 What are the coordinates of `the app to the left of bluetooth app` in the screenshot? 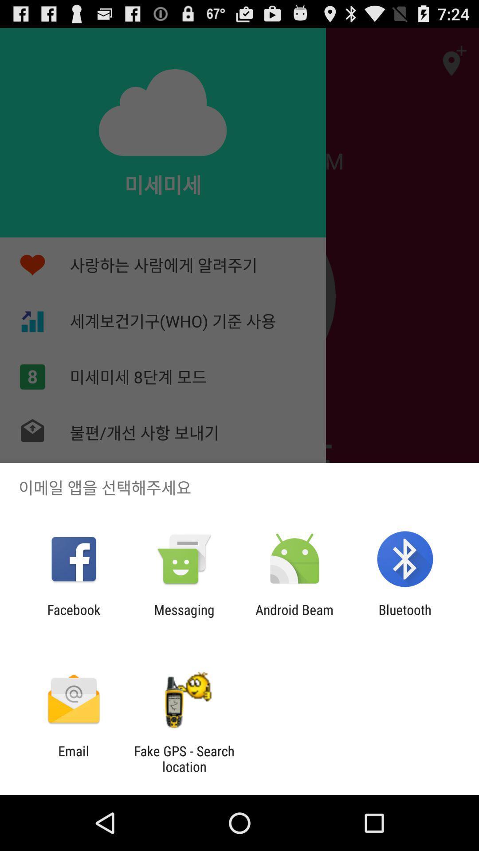 It's located at (294, 617).